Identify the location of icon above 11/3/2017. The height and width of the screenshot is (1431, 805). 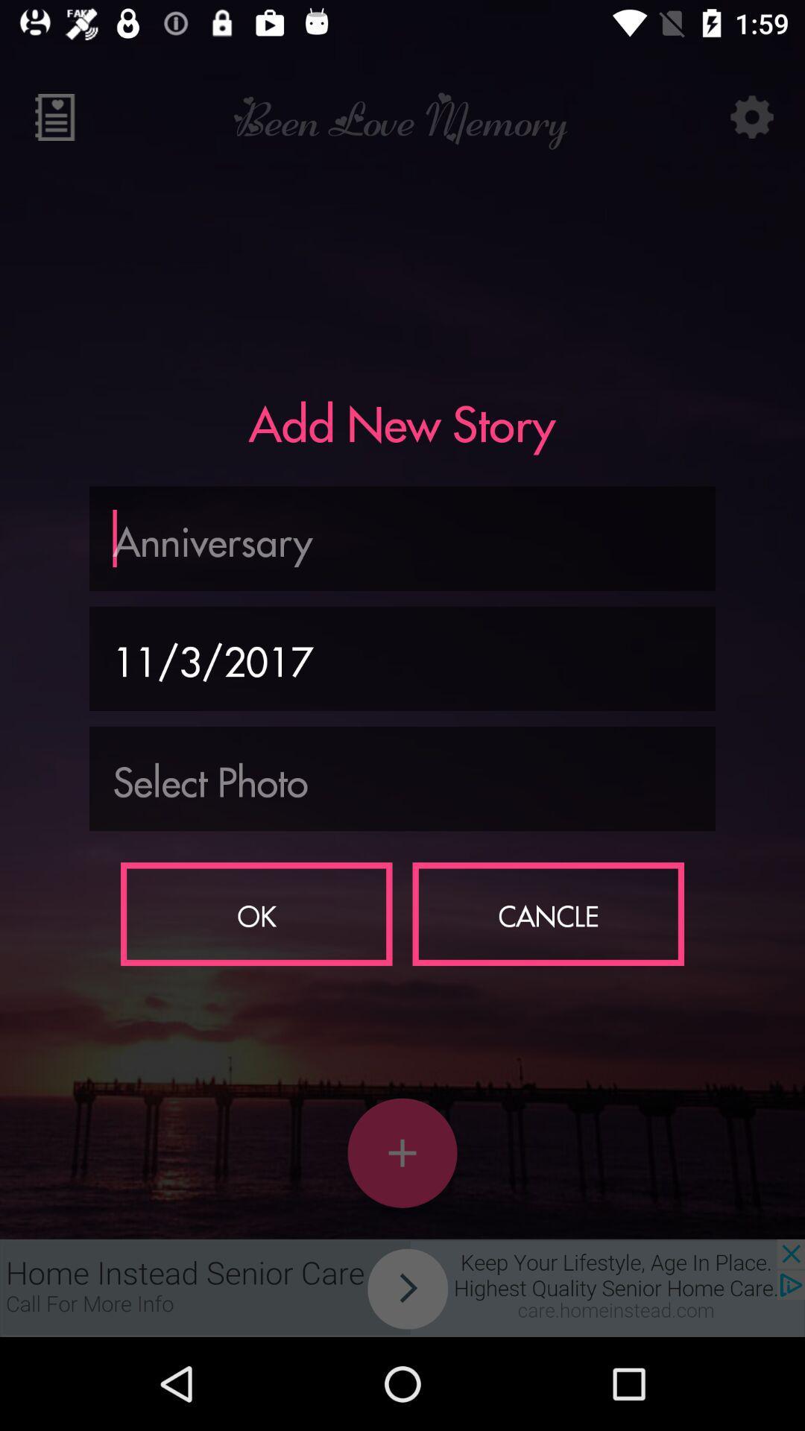
(402, 537).